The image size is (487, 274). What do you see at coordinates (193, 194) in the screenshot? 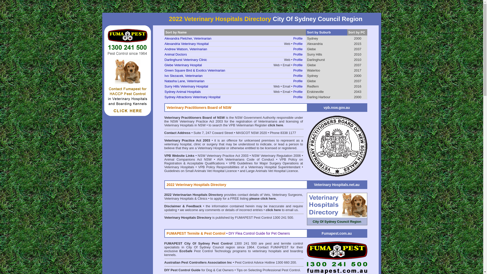
I see `'2022 Veterinarian Hospitals Directory'` at bounding box center [193, 194].